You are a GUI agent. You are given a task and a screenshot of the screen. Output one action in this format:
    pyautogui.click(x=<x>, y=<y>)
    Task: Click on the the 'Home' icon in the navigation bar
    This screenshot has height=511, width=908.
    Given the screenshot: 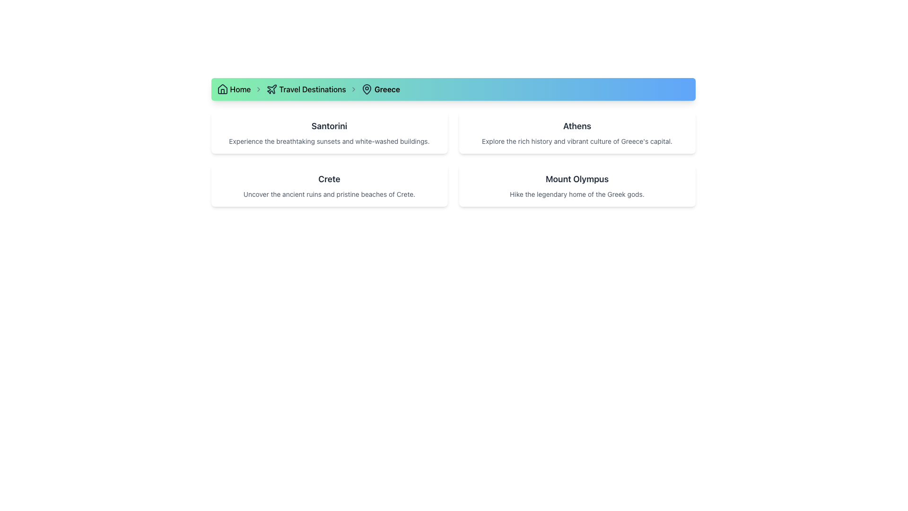 What is the action you would take?
    pyautogui.click(x=222, y=89)
    